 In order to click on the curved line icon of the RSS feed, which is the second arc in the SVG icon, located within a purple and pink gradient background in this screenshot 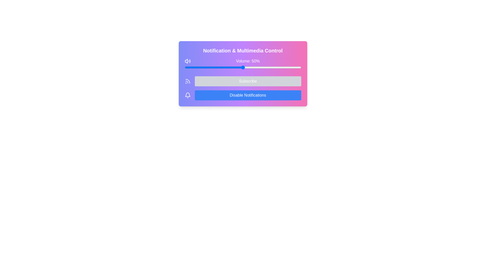, I will do `click(187, 81)`.